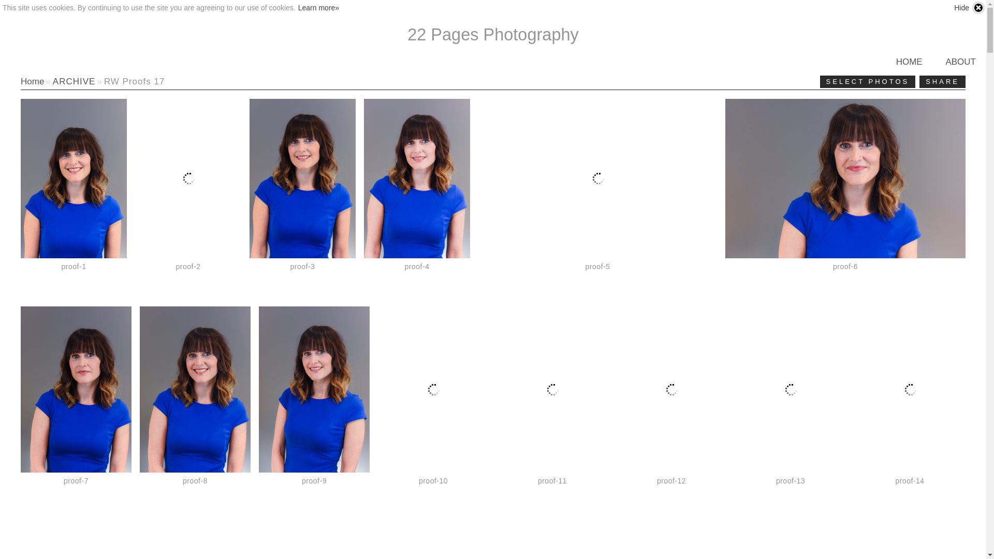 The height and width of the screenshot is (559, 994). Describe the element at coordinates (909, 62) in the screenshot. I see `'HOME'` at that location.